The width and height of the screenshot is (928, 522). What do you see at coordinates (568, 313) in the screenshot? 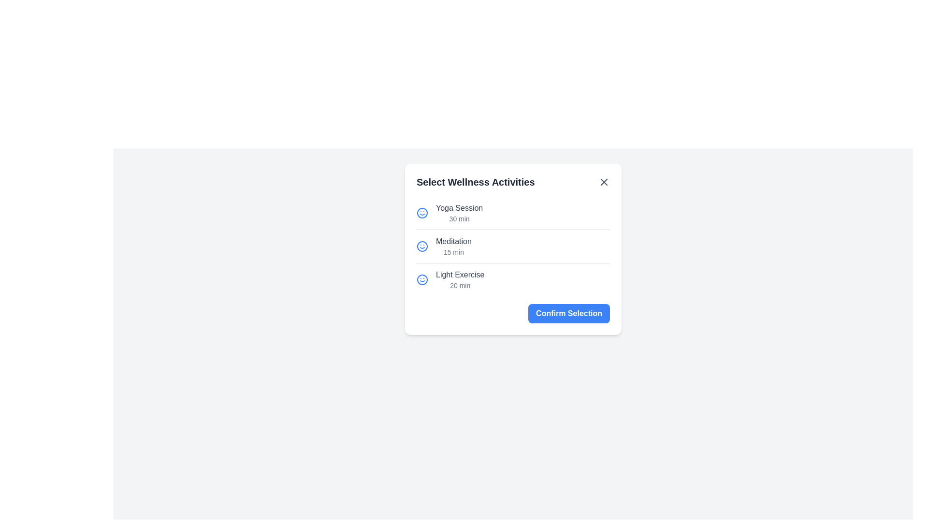
I see `'Confirm Selection' button to submit the selected activities` at bounding box center [568, 313].